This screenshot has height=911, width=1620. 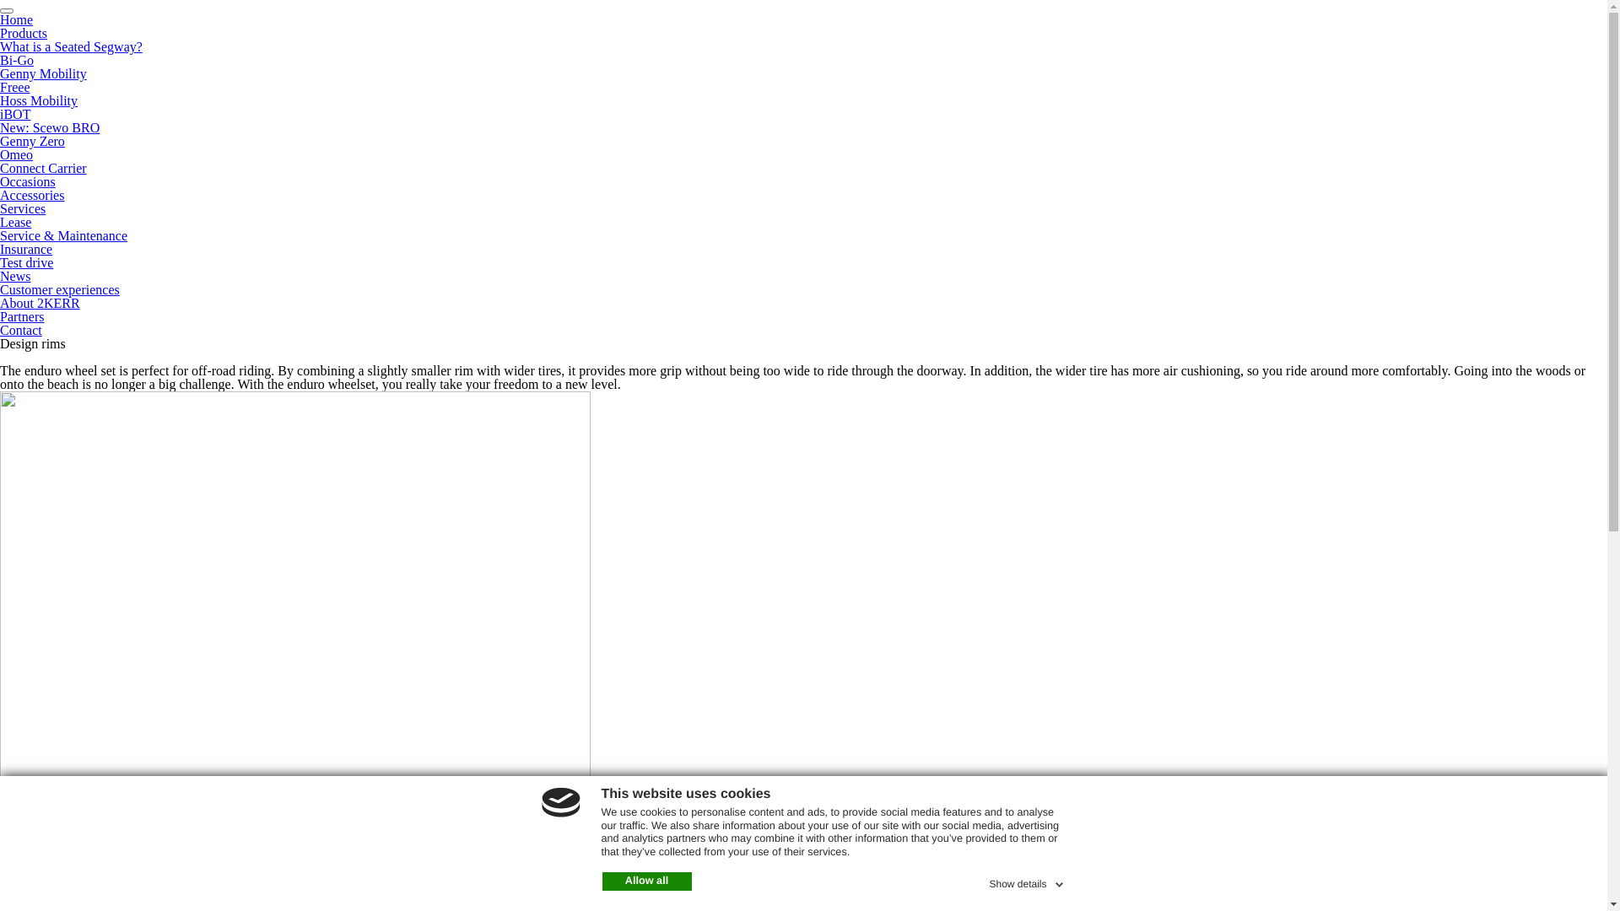 I want to click on 'Service & Maintenance', so click(x=63, y=235).